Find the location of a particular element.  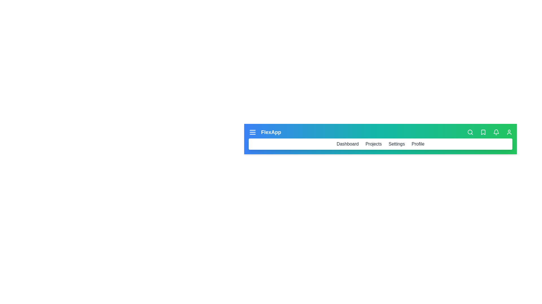

the search icon to activate the search functionality is located at coordinates (470, 132).